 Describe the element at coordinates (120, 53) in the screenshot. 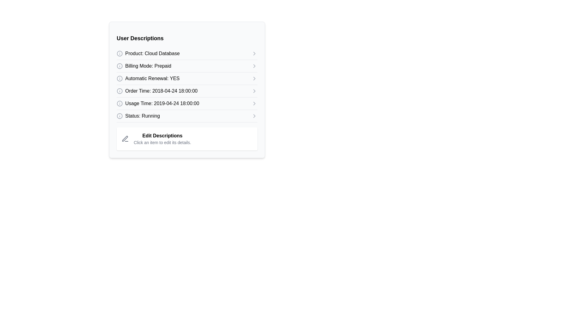

I see `the gray circular shape within the SVG icon, which is positioned above the 'Product: Cloud Database' text` at that location.